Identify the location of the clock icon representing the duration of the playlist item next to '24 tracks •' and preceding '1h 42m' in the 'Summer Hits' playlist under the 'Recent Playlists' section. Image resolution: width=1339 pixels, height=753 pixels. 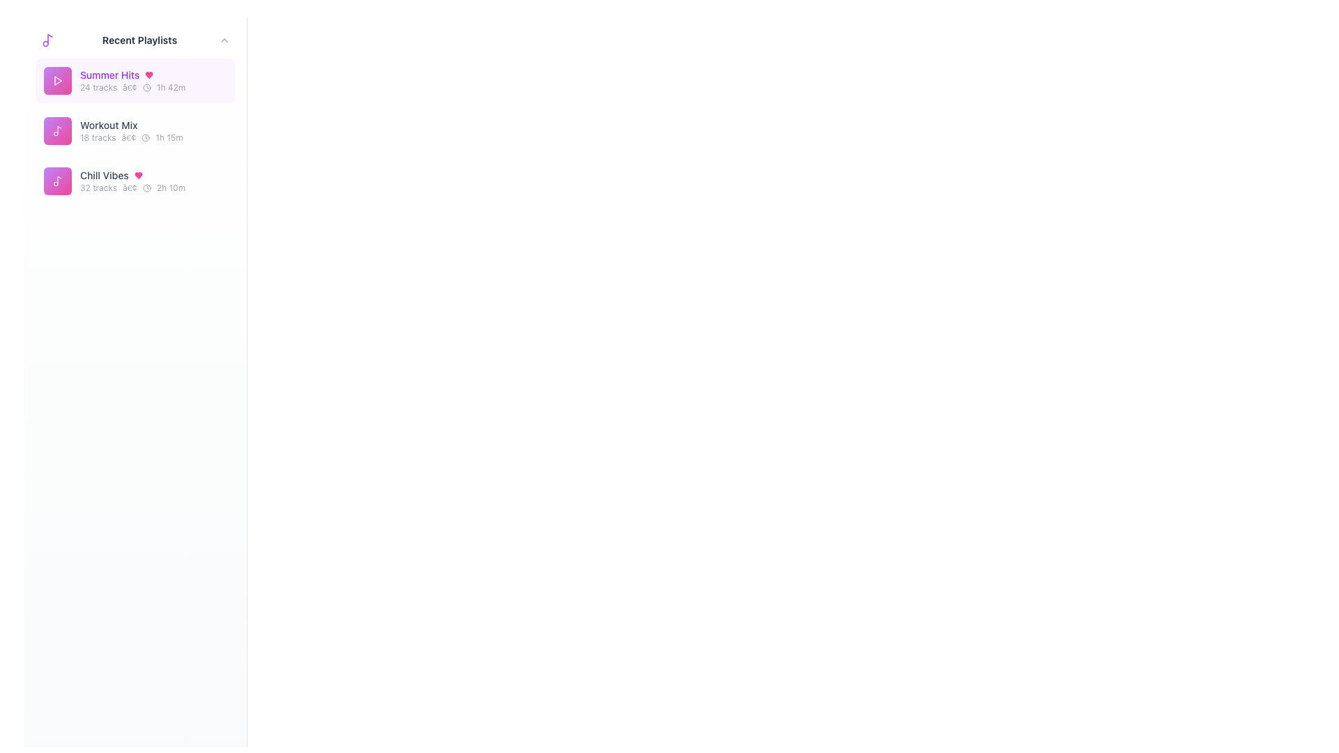
(146, 88).